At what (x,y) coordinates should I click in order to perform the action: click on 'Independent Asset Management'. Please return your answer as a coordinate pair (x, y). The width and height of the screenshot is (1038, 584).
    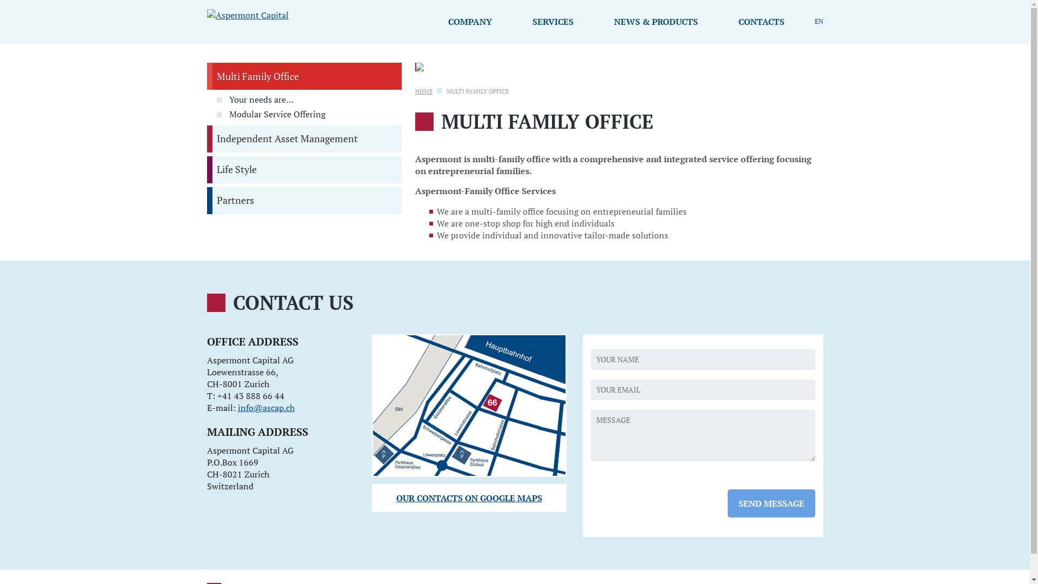
    Looking at the image, I should click on (303, 138).